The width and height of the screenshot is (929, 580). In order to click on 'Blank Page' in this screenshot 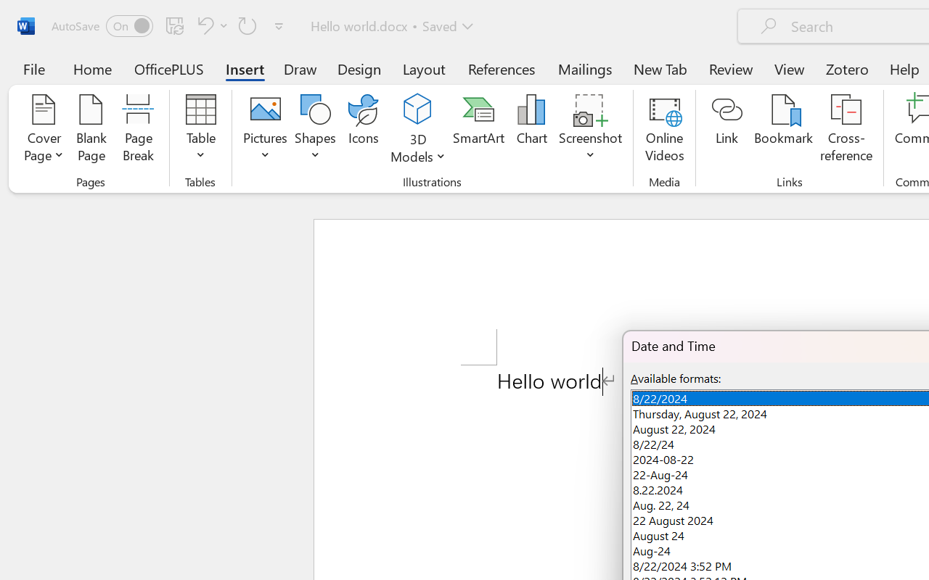, I will do `click(91, 130)`.